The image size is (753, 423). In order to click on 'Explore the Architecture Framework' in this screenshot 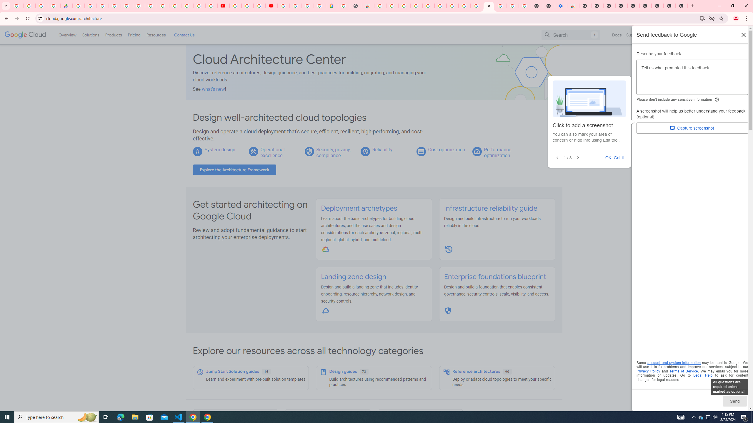, I will do `click(234, 170)`.